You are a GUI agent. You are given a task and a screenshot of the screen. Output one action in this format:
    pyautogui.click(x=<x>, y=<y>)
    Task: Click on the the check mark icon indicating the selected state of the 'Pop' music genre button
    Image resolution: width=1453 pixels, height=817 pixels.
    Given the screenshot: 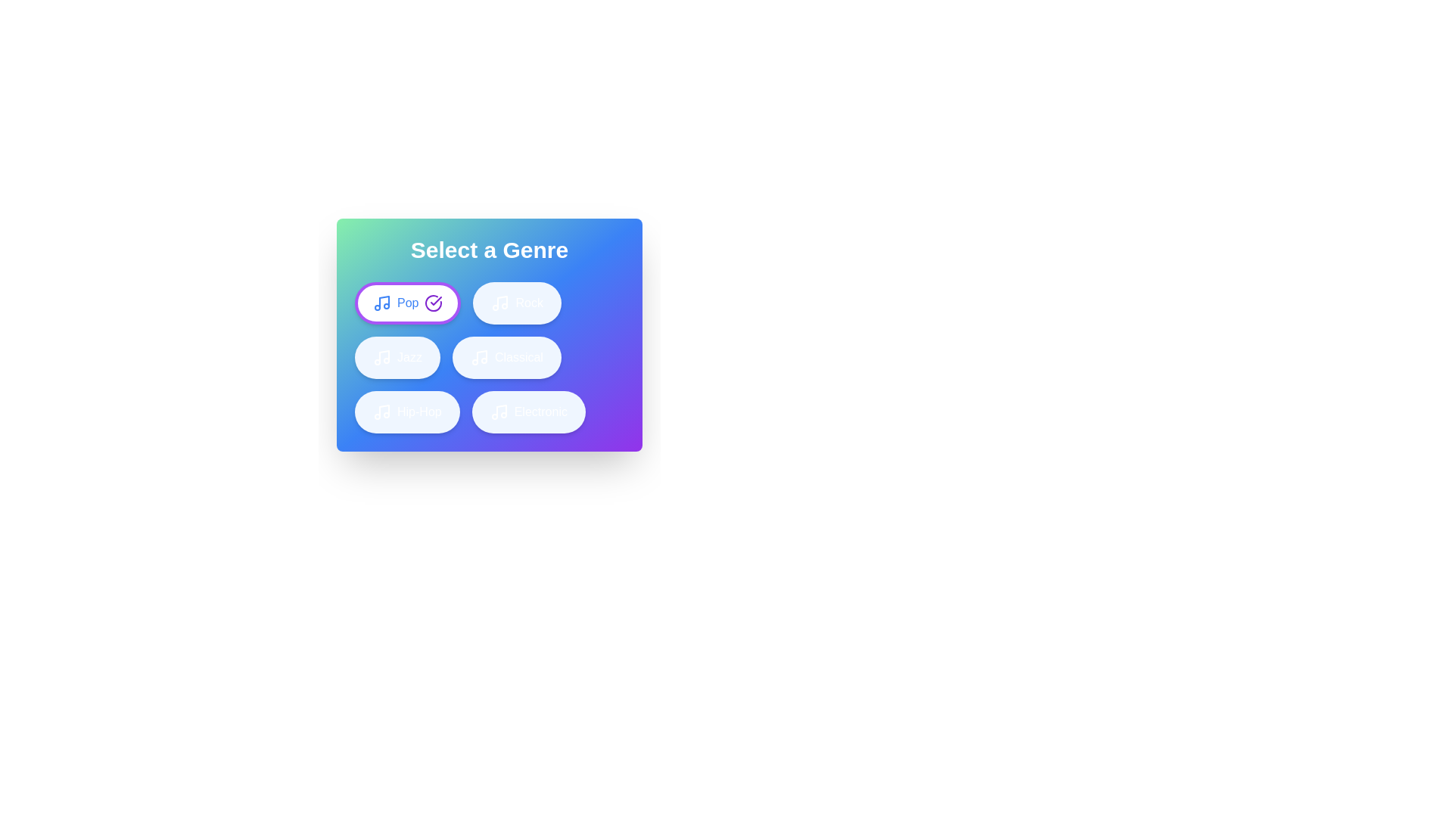 What is the action you would take?
    pyautogui.click(x=435, y=300)
    